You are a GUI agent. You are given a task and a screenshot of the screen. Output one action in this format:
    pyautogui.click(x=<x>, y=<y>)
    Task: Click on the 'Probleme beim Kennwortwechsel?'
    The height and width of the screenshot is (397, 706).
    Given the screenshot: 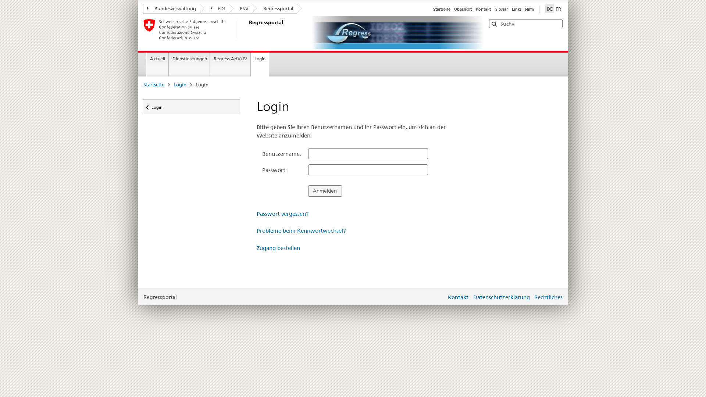 What is the action you would take?
    pyautogui.click(x=301, y=230)
    